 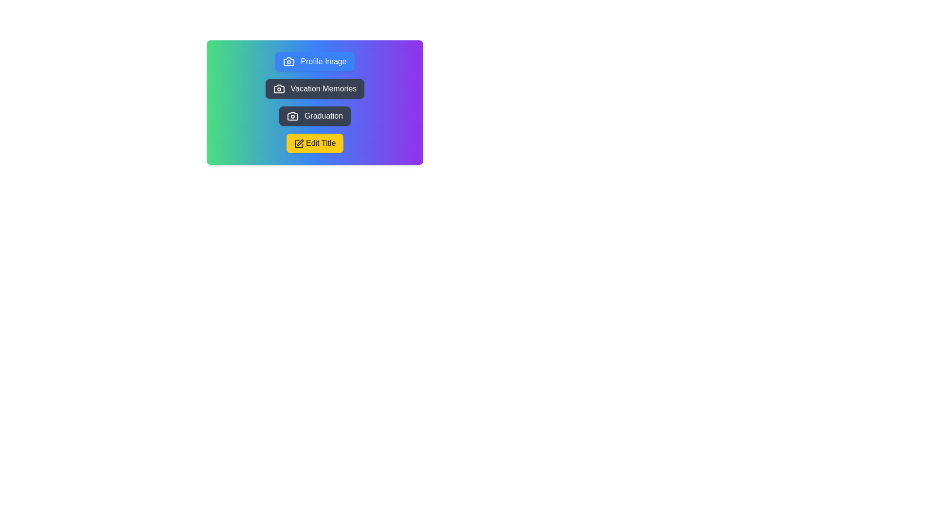 What do you see at coordinates (298, 143) in the screenshot?
I see `the pen icon representing the edit action, which is part of the yellow 'Edit Title' button located at the bottom of the vertical button group` at bounding box center [298, 143].